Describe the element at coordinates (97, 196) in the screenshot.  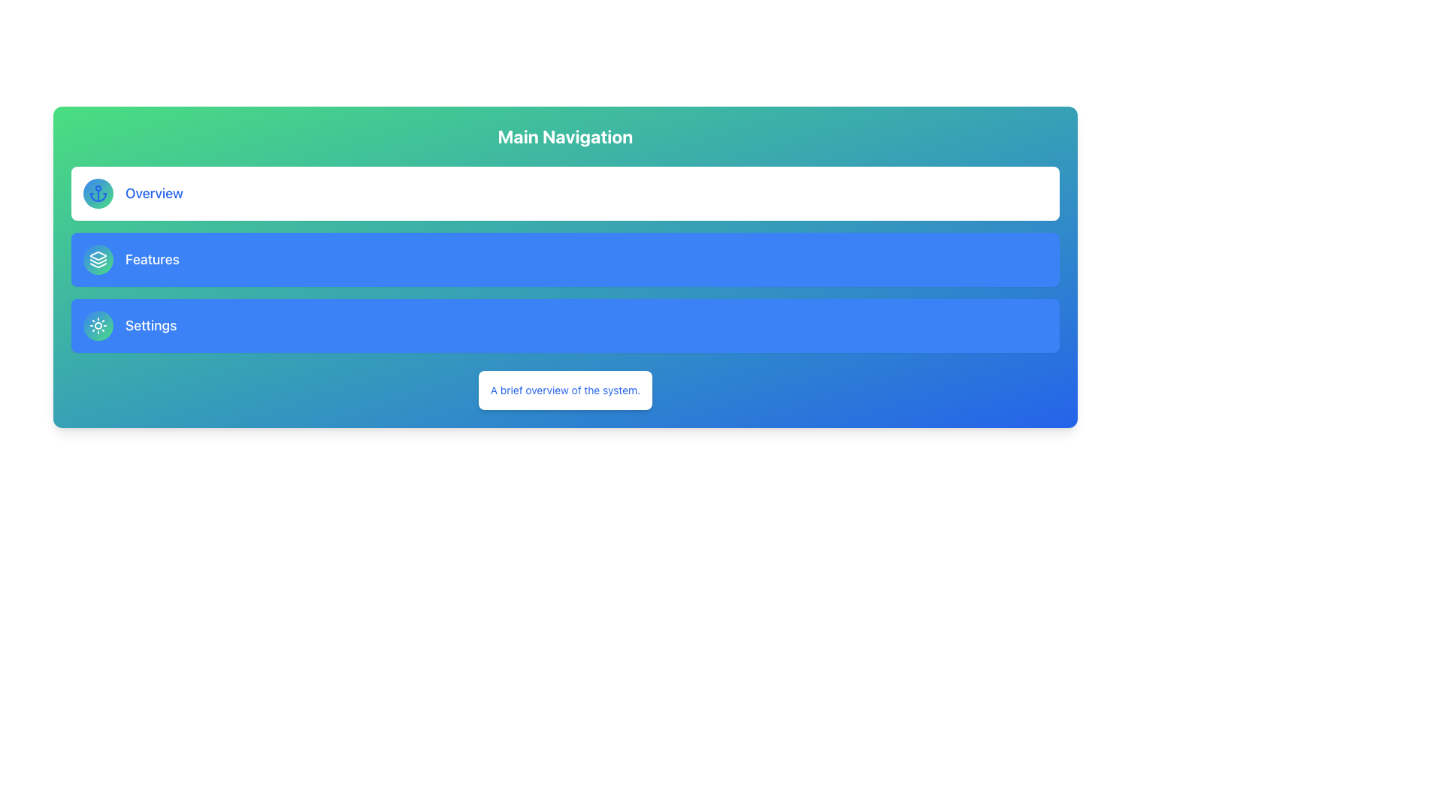
I see `the anchor icon located to the left of the 'Overview' label at the top of the interface` at that location.